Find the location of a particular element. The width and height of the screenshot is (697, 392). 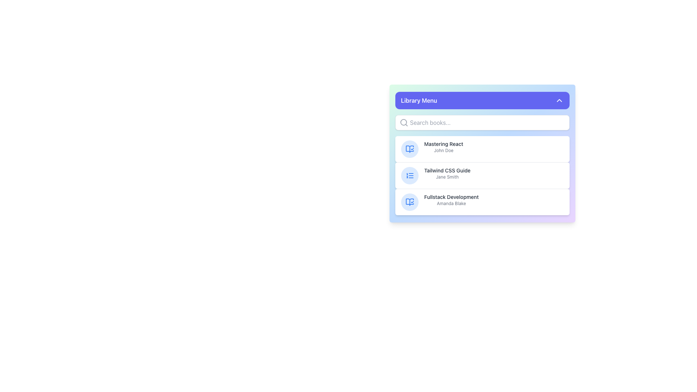

the 'Tailwind CSS Guide' label, which is the primary text of the second entry in the list within the menu, located above the 'Jane Smith' label is located at coordinates (447, 171).